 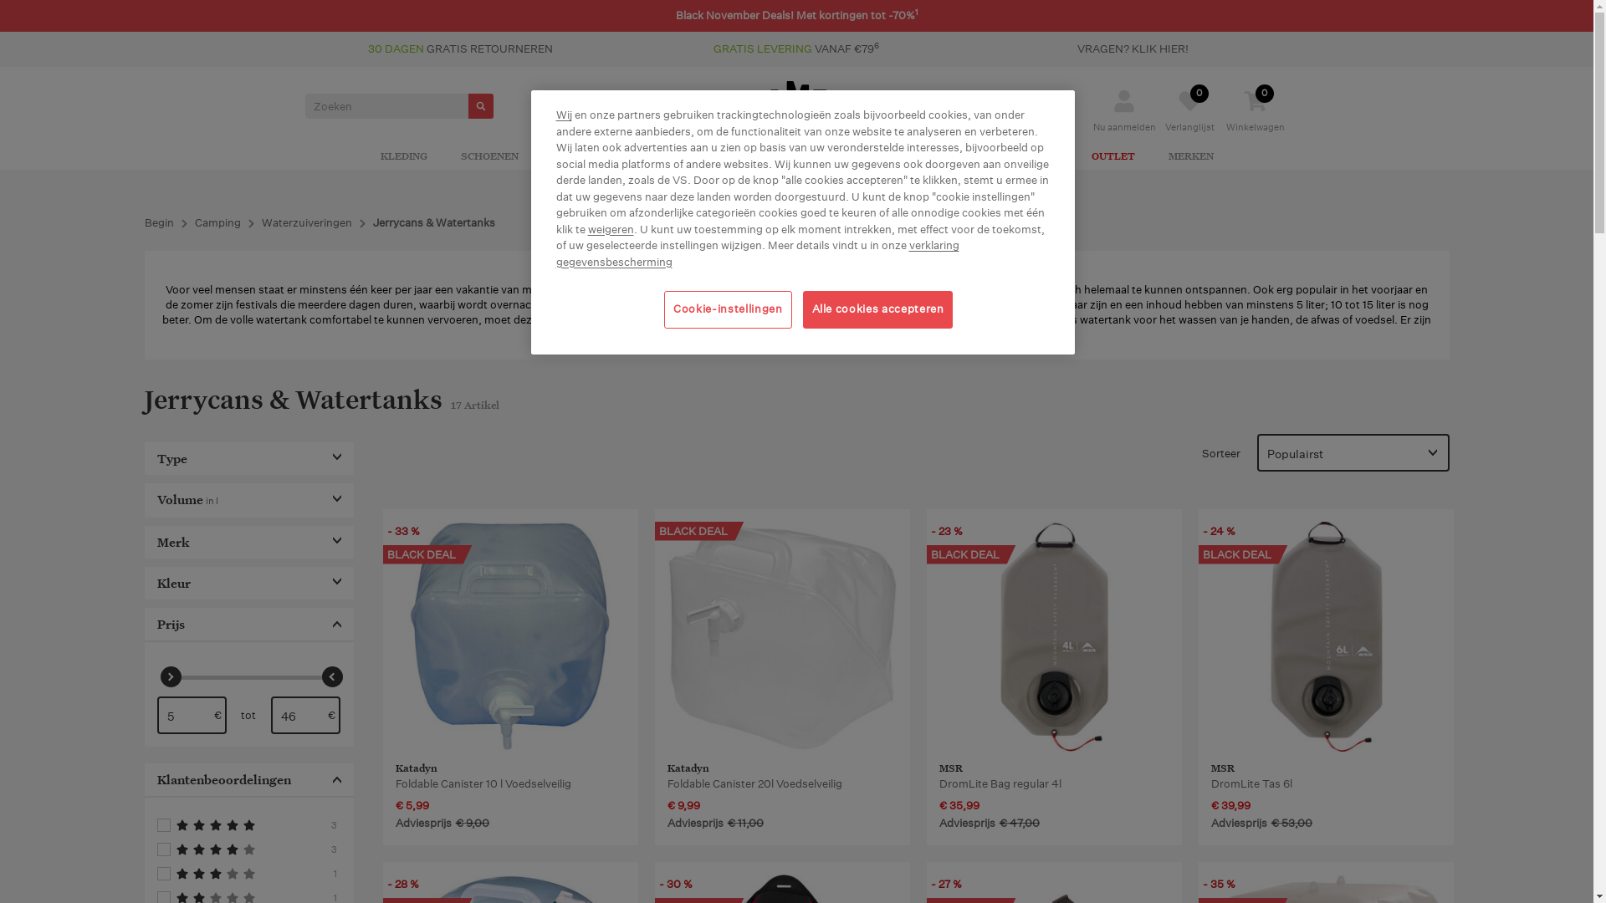 What do you see at coordinates (838, 157) in the screenshot?
I see `'JOGGING'` at bounding box center [838, 157].